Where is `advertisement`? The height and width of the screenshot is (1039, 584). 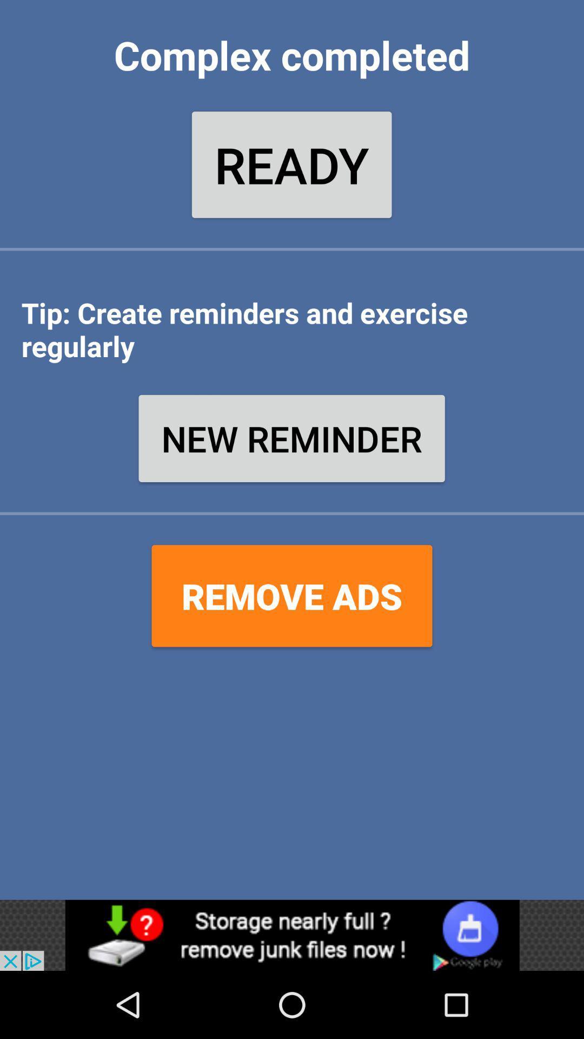
advertisement is located at coordinates (292, 935).